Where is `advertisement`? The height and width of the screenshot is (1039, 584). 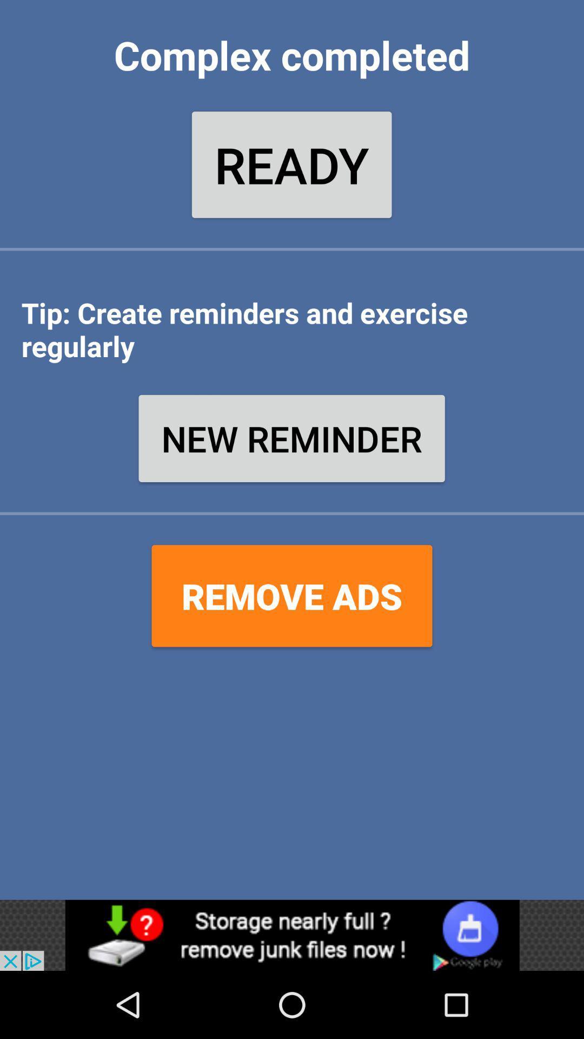
advertisement is located at coordinates (292, 935).